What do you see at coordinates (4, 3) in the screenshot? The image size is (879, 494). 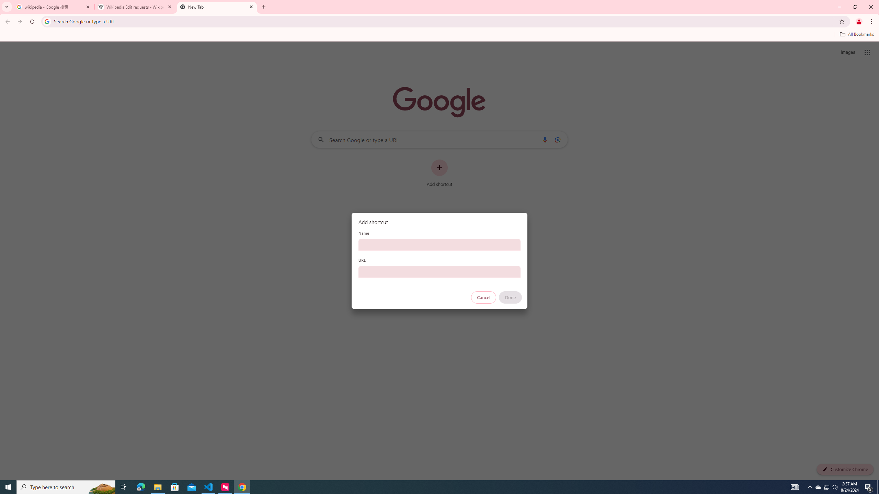 I see `'System'` at bounding box center [4, 3].